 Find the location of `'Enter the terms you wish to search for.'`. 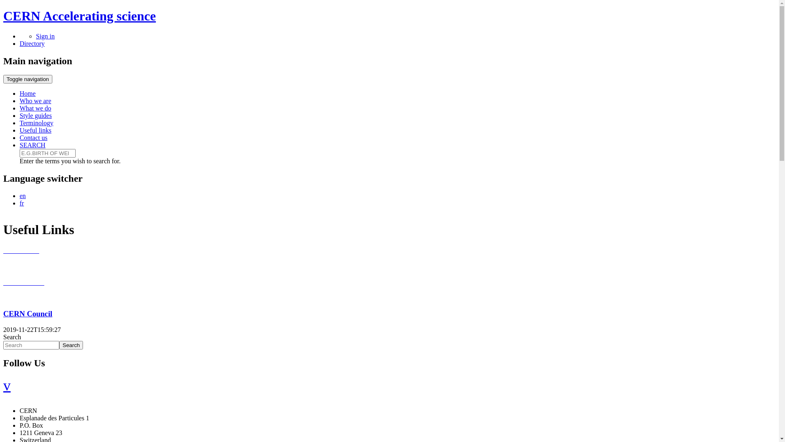

'Enter the terms you wish to search for.' is located at coordinates (3, 345).